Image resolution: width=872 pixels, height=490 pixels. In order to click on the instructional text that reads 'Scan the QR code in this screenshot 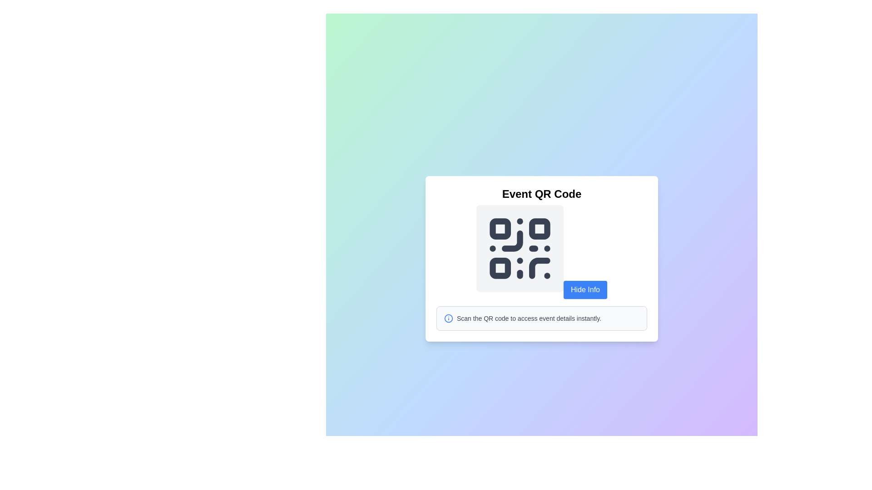, I will do `click(542, 318)`.